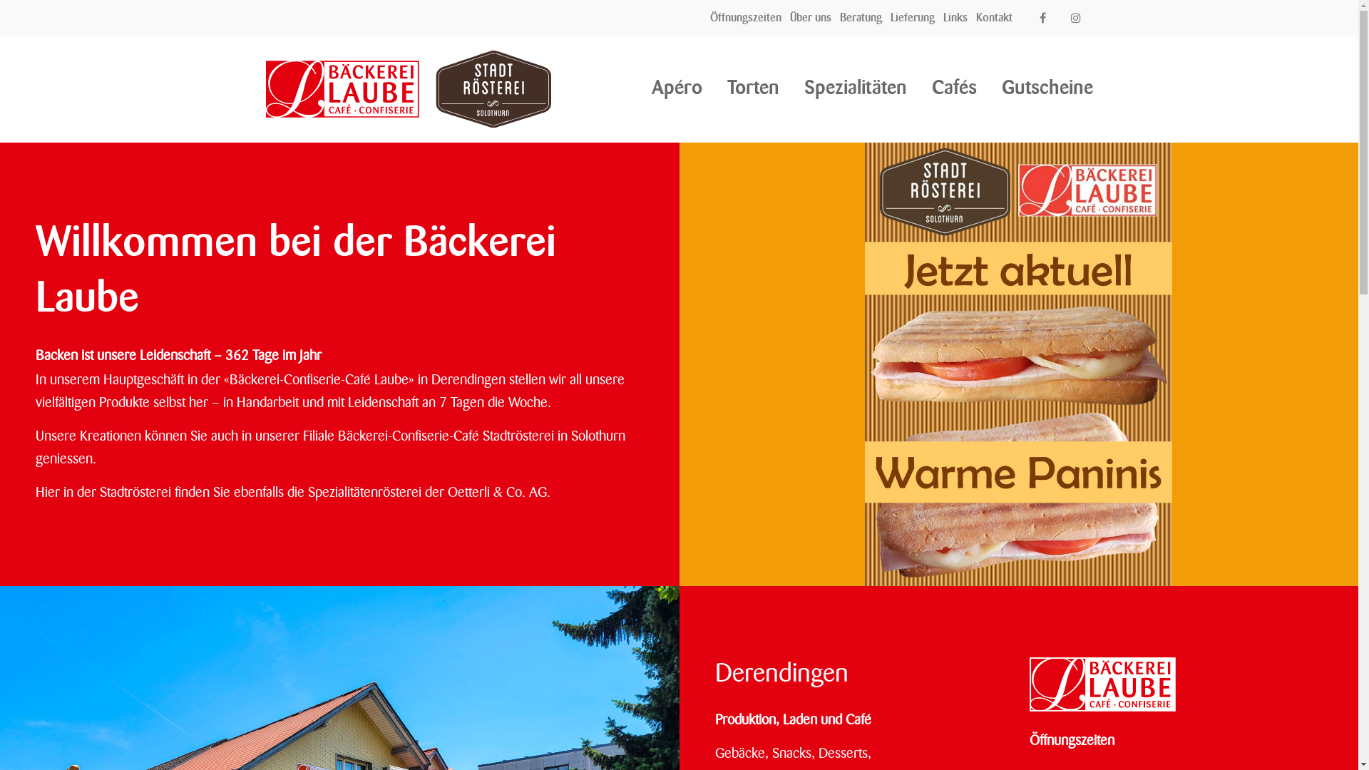 This screenshot has width=1369, height=770. Describe the element at coordinates (913, 17) in the screenshot. I see `'Lieferung'` at that location.